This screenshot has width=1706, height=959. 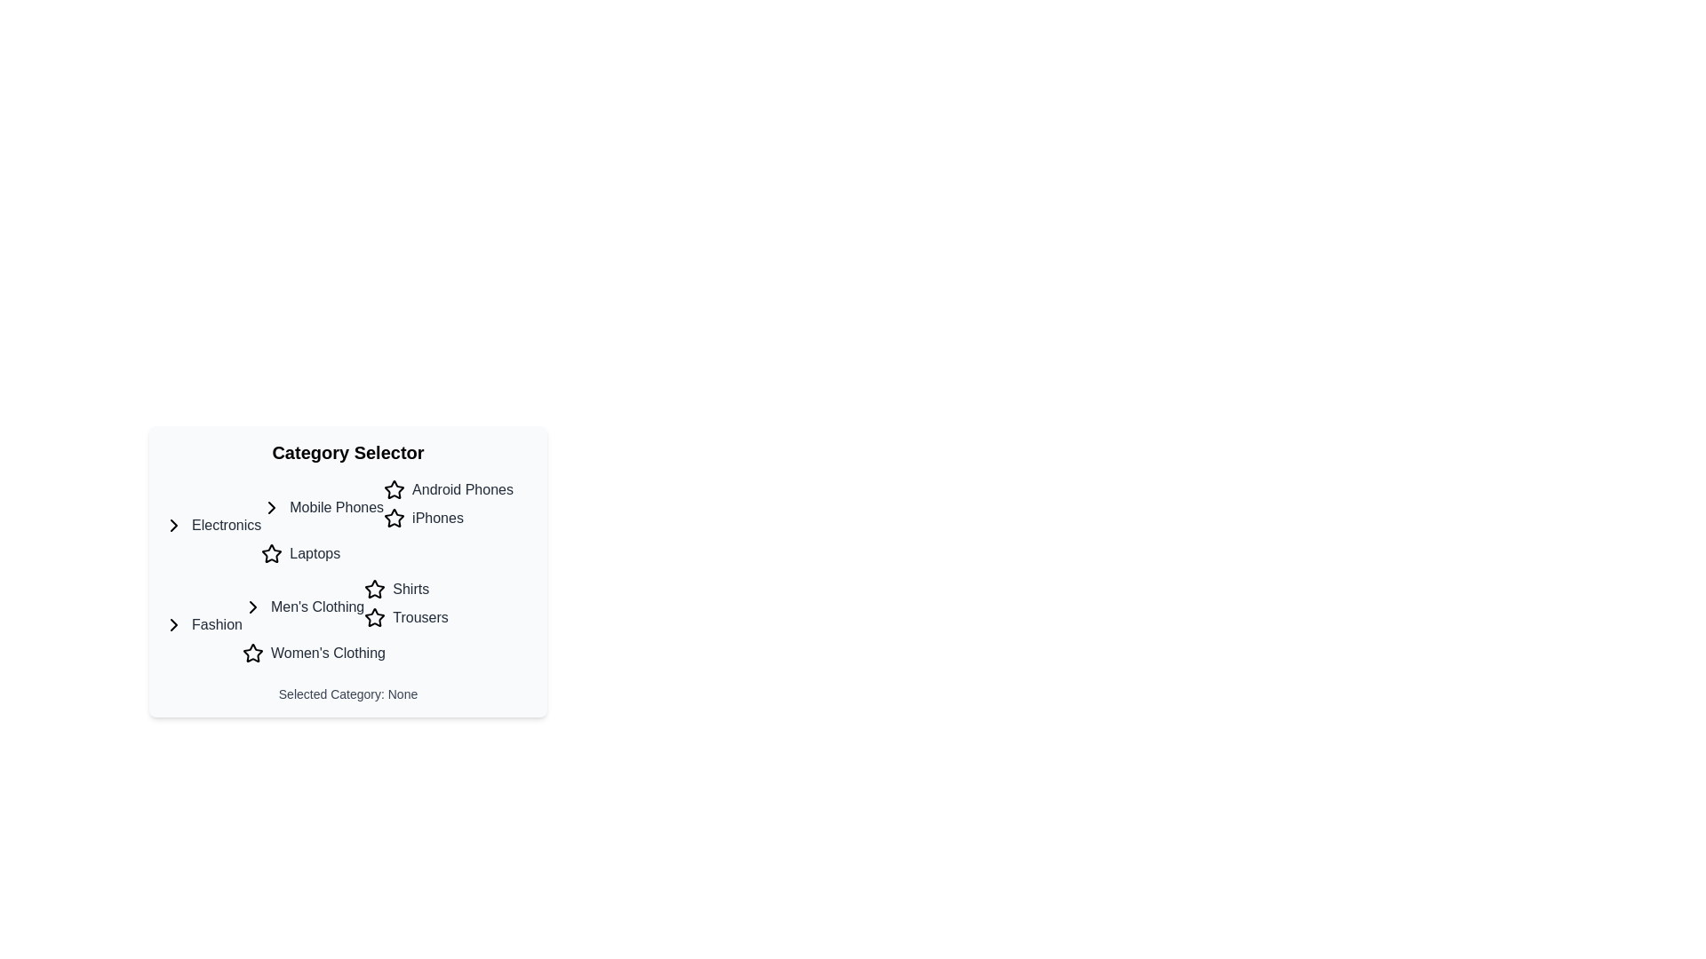 What do you see at coordinates (315, 553) in the screenshot?
I see `the 'Laptops' clickable label, which is styled with a medium-weight gray font and turns blue upon interaction` at bounding box center [315, 553].